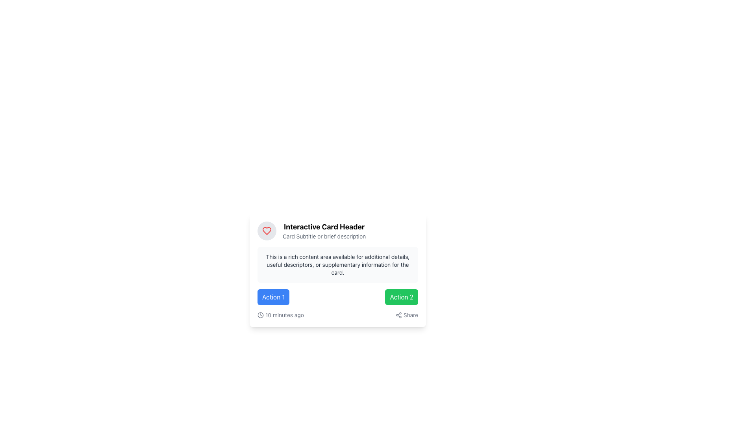 The image size is (756, 425). Describe the element at coordinates (338, 315) in the screenshot. I see `the 'Share' button located at the bottom of the card component, which also displays the event time ('10 minutes ago')` at that location.